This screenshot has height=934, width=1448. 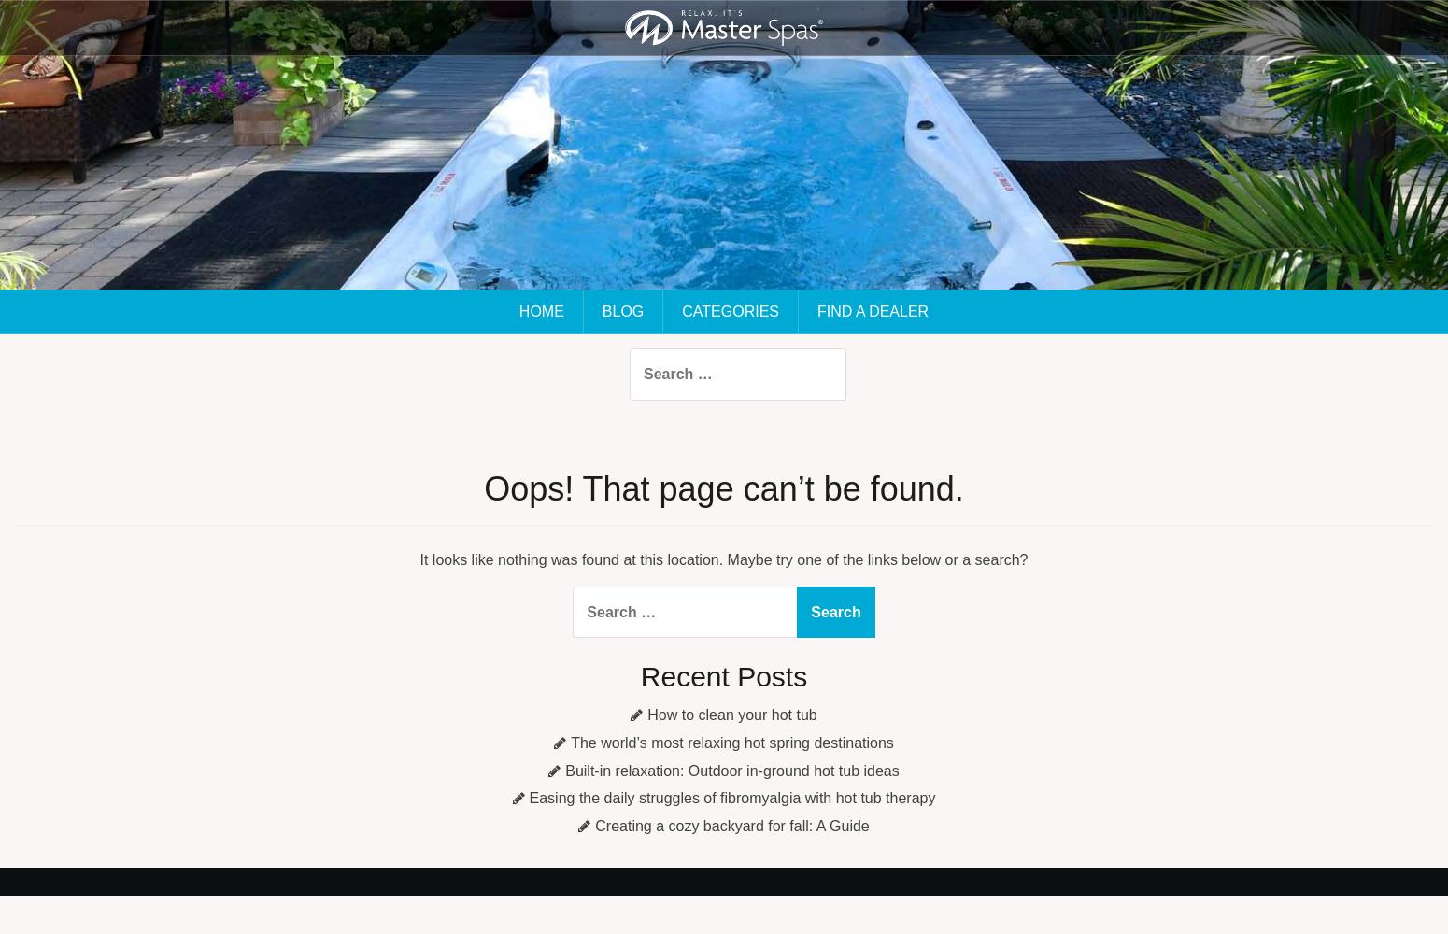 I want to click on 'Home', so click(x=540, y=310).